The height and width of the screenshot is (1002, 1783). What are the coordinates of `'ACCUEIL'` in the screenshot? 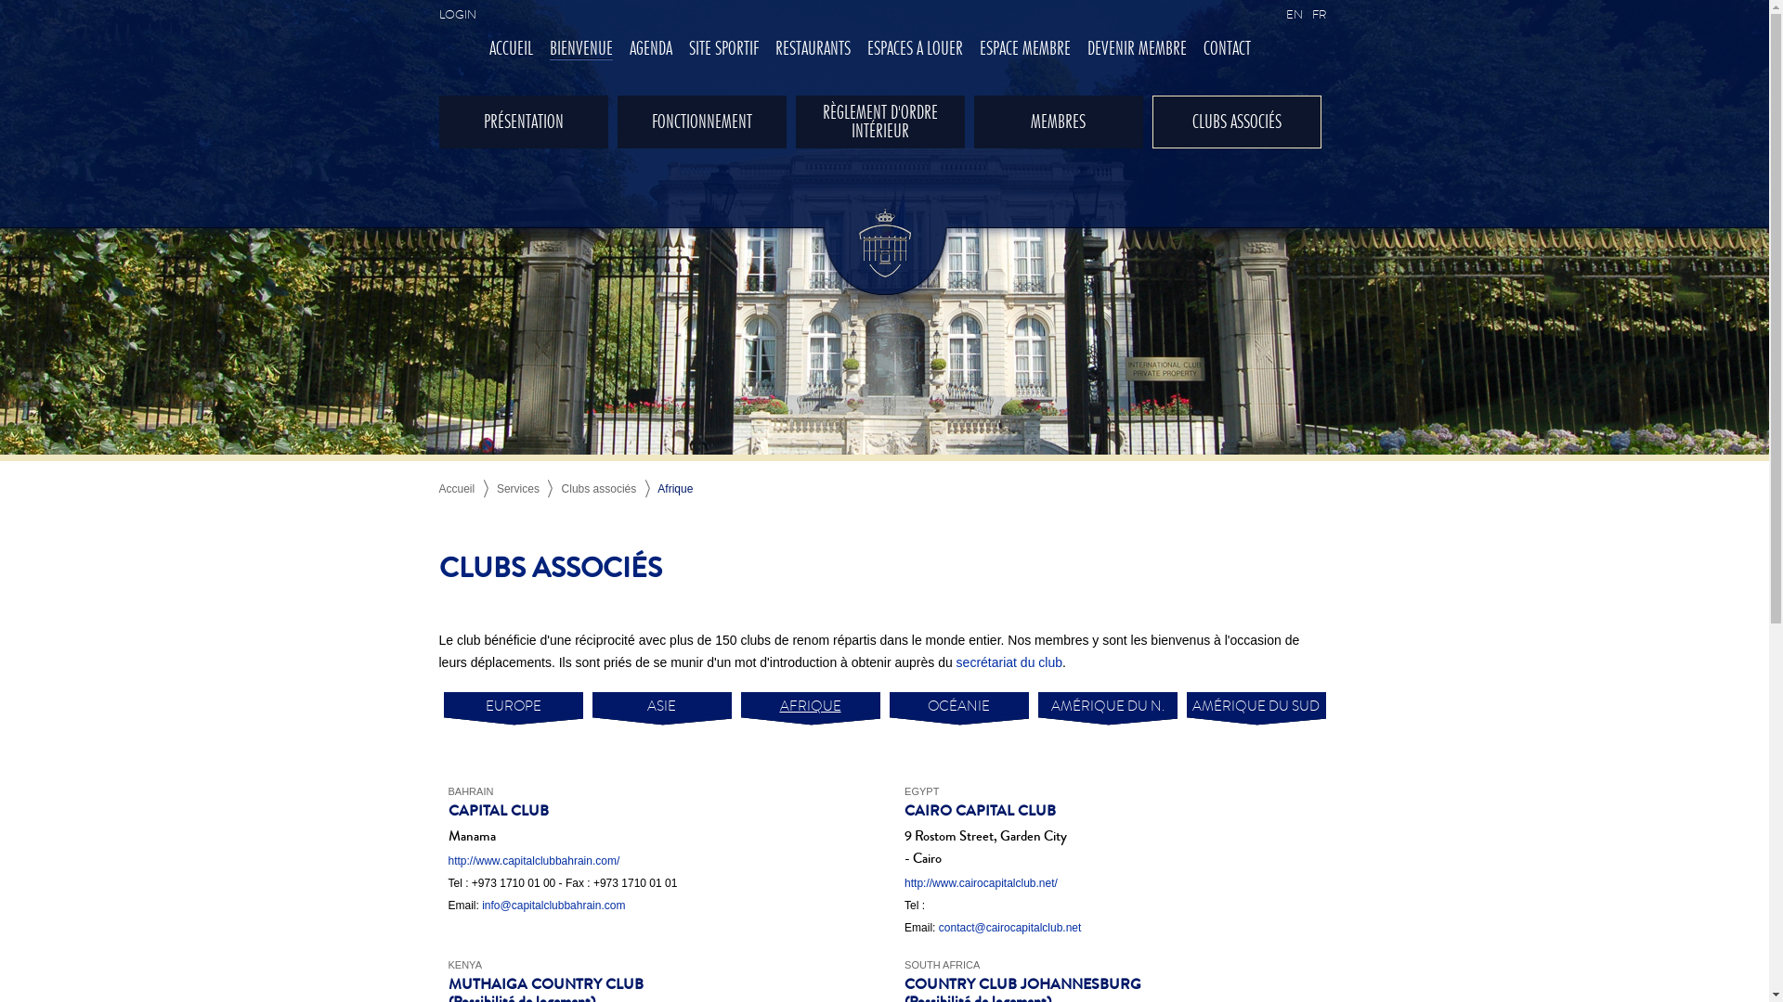 It's located at (488, 49).